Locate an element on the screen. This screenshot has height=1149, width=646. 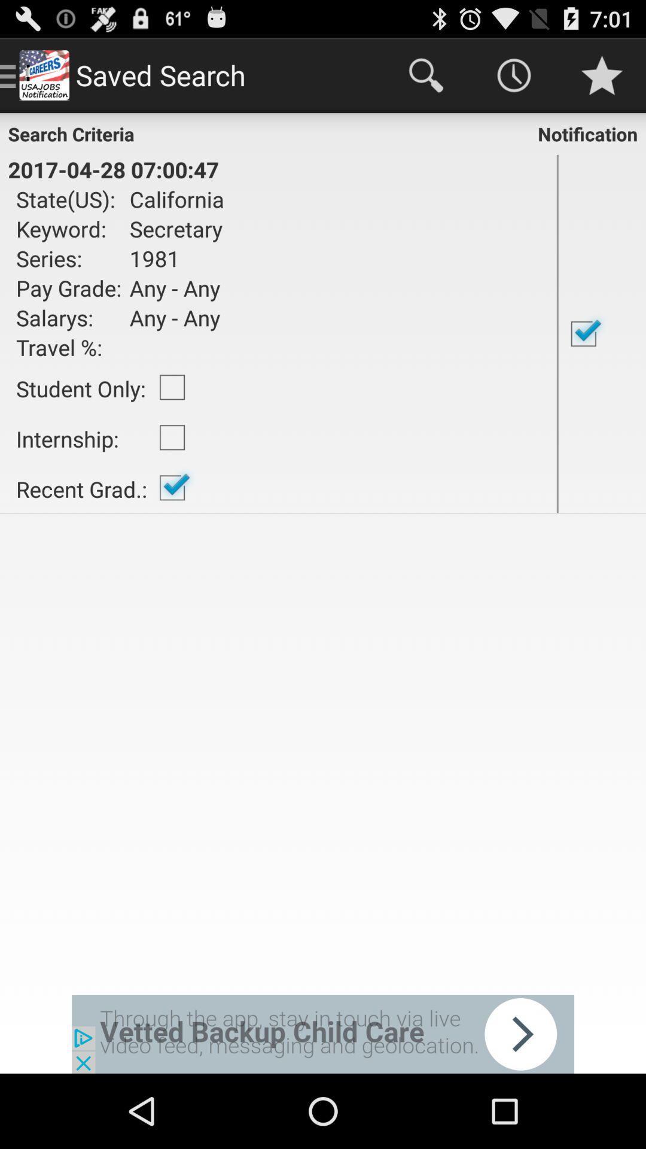
the item next to student only: item is located at coordinates (172, 387).